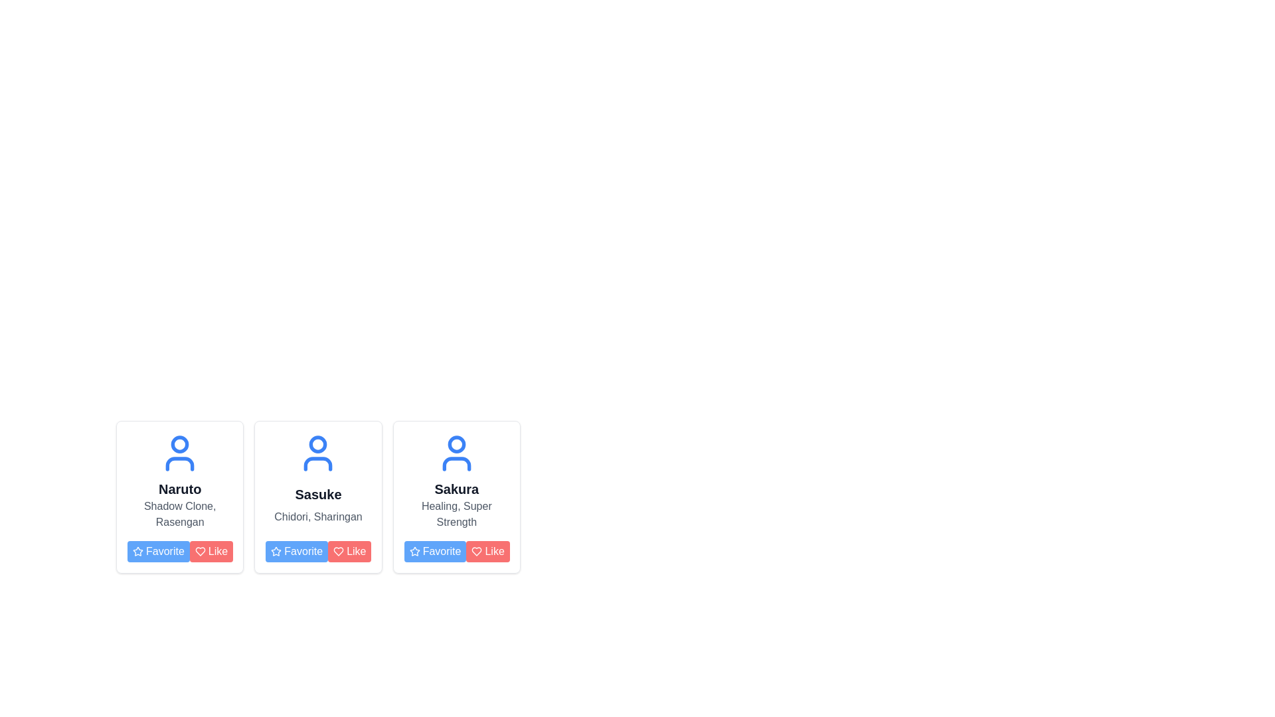  What do you see at coordinates (179, 551) in the screenshot?
I see `the 'Favorite' button, which is a rectangular button with a blue background and white text, located at the bottom of the 'Naruto' card` at bounding box center [179, 551].